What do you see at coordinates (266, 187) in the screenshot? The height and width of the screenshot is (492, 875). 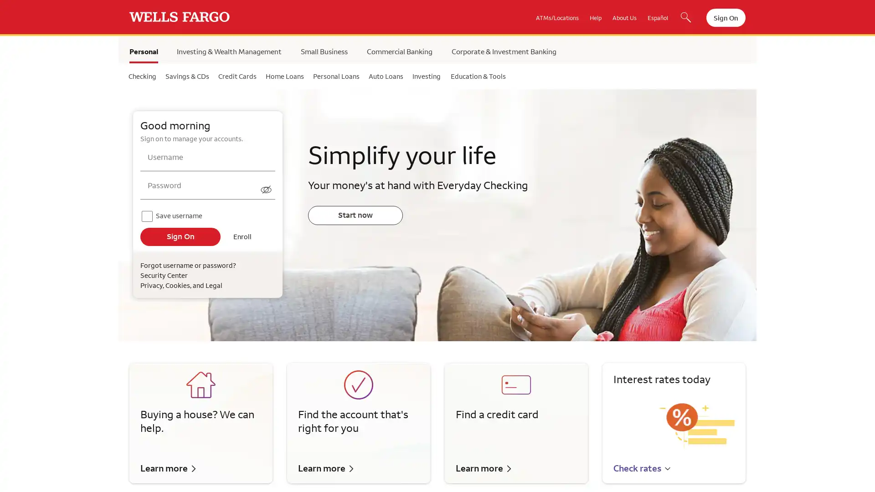 I see `Show password` at bounding box center [266, 187].